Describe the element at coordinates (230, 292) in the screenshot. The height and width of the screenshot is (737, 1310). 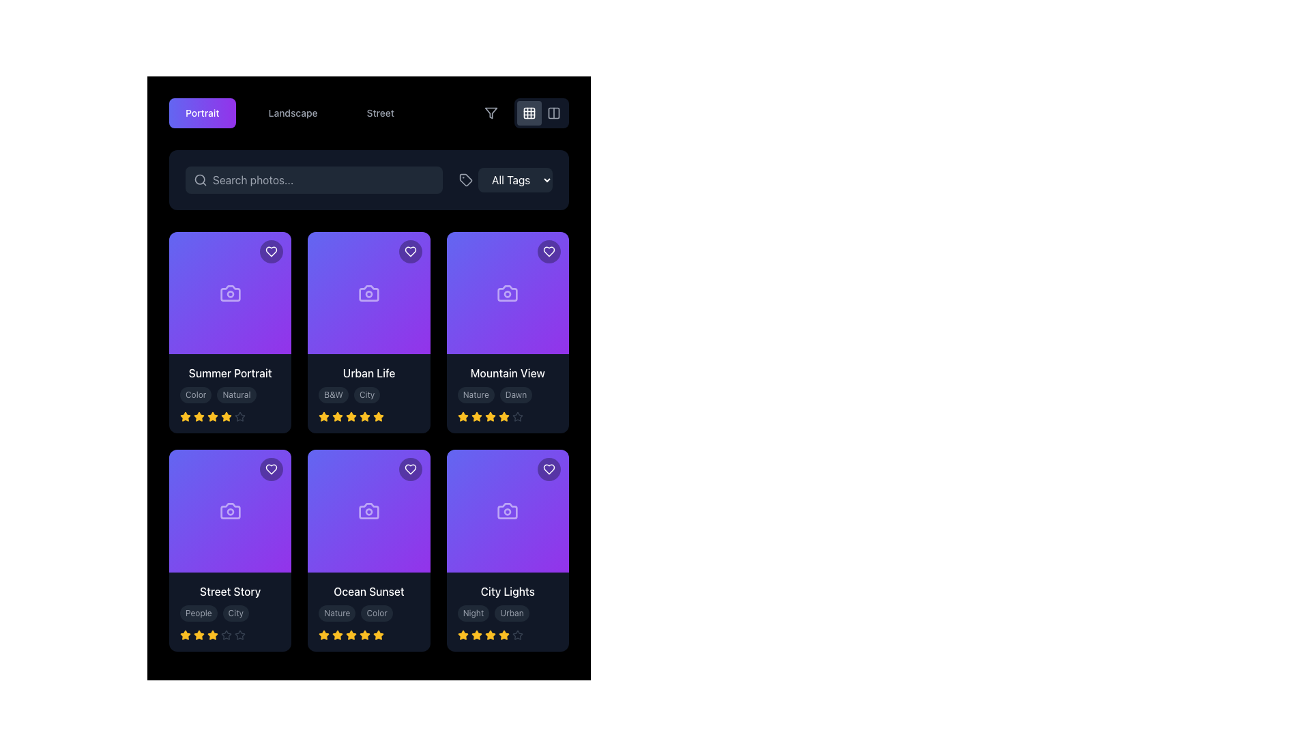
I see `the graphical representation of the camera icon located in the top-left card of the grid, above the 'Summer Portrait' text and star rating section` at that location.